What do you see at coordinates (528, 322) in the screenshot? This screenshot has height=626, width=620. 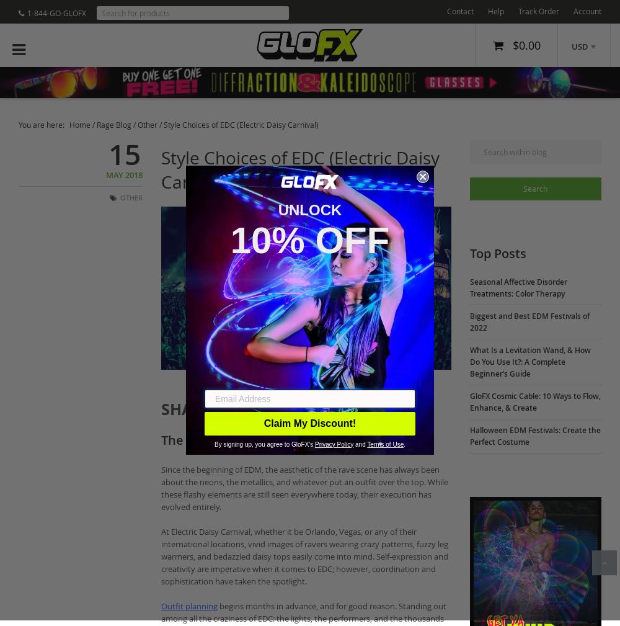 I see `'​​Biggest and Best EDM Festivals of 2022'` at bounding box center [528, 322].